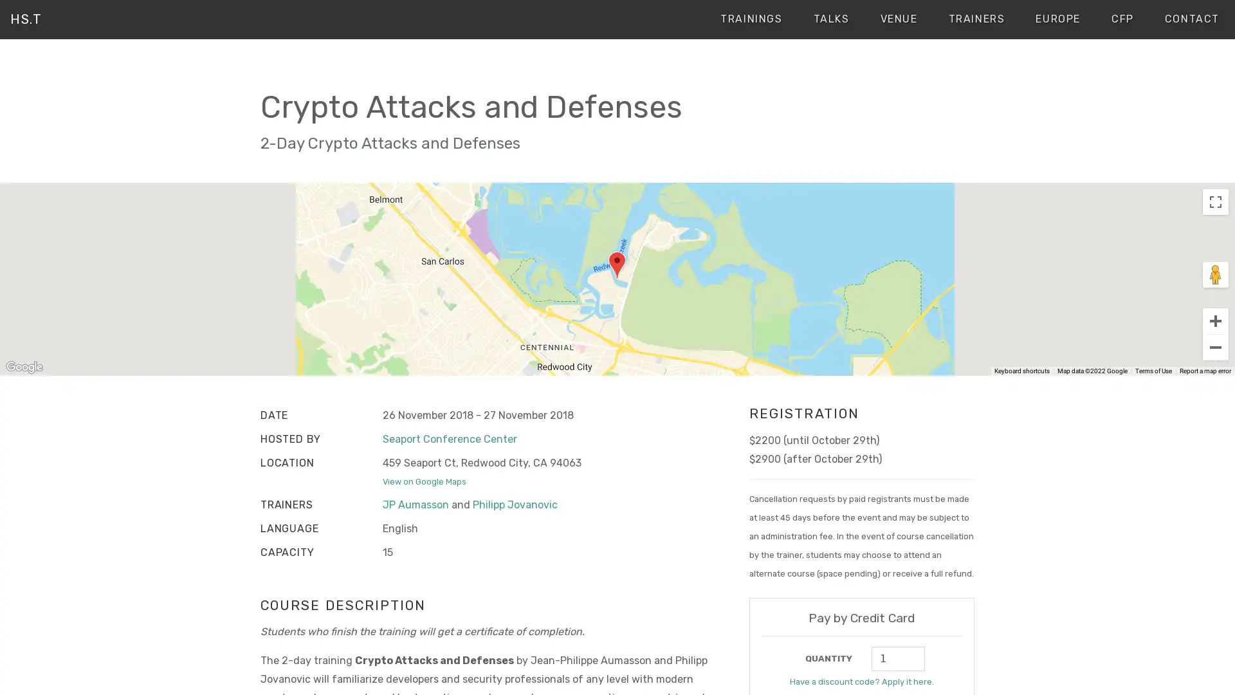 This screenshot has width=1235, height=695. What do you see at coordinates (1215, 346) in the screenshot?
I see `Zoom out` at bounding box center [1215, 346].